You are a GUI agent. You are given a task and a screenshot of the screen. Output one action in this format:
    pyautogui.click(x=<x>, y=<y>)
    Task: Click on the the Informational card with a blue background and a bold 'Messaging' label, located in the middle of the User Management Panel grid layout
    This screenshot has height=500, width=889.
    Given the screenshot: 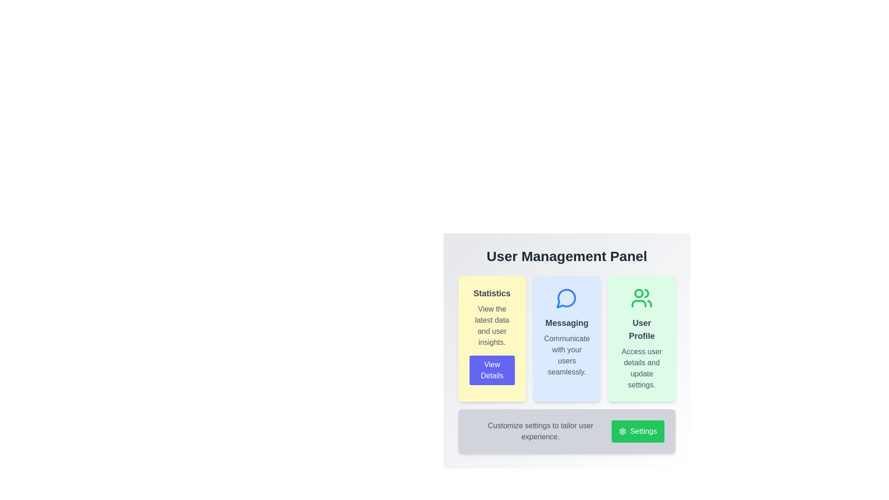 What is the action you would take?
    pyautogui.click(x=566, y=339)
    